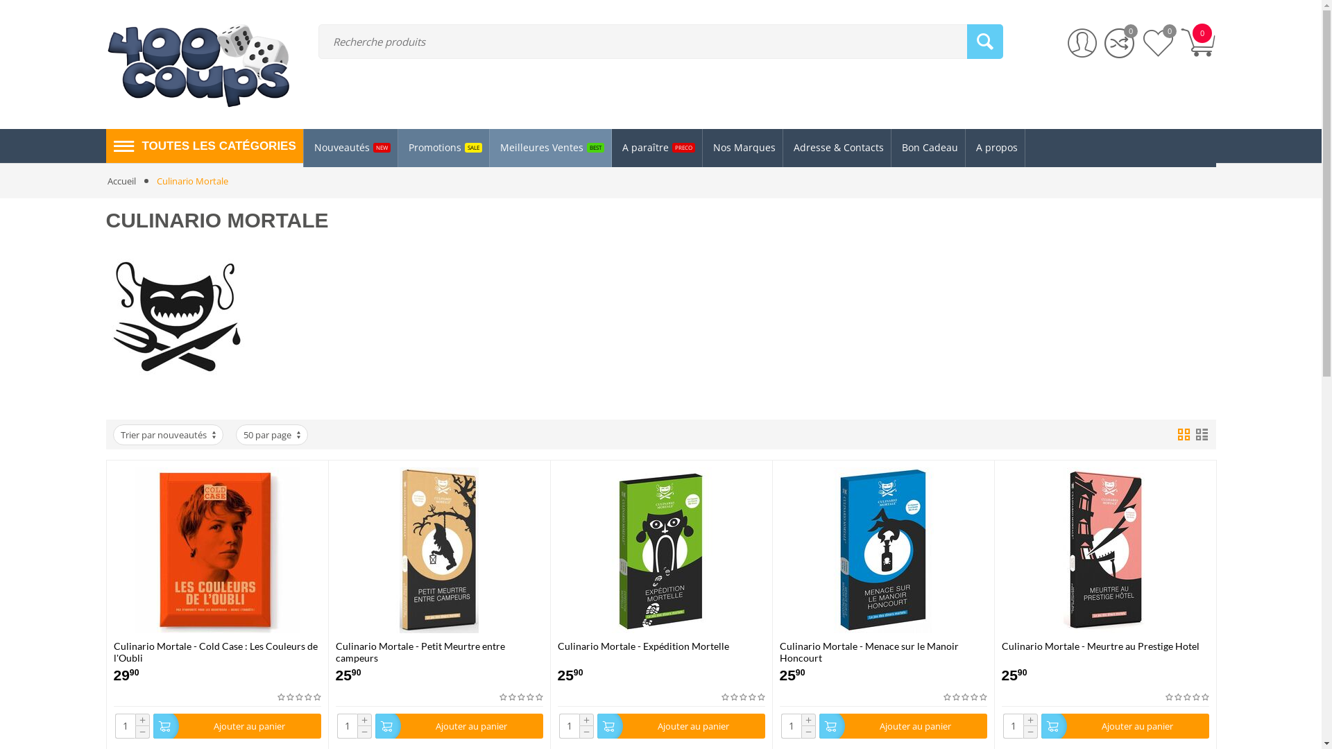 The width and height of the screenshot is (1332, 749). Describe the element at coordinates (272, 434) in the screenshot. I see `'50 par page'` at that location.